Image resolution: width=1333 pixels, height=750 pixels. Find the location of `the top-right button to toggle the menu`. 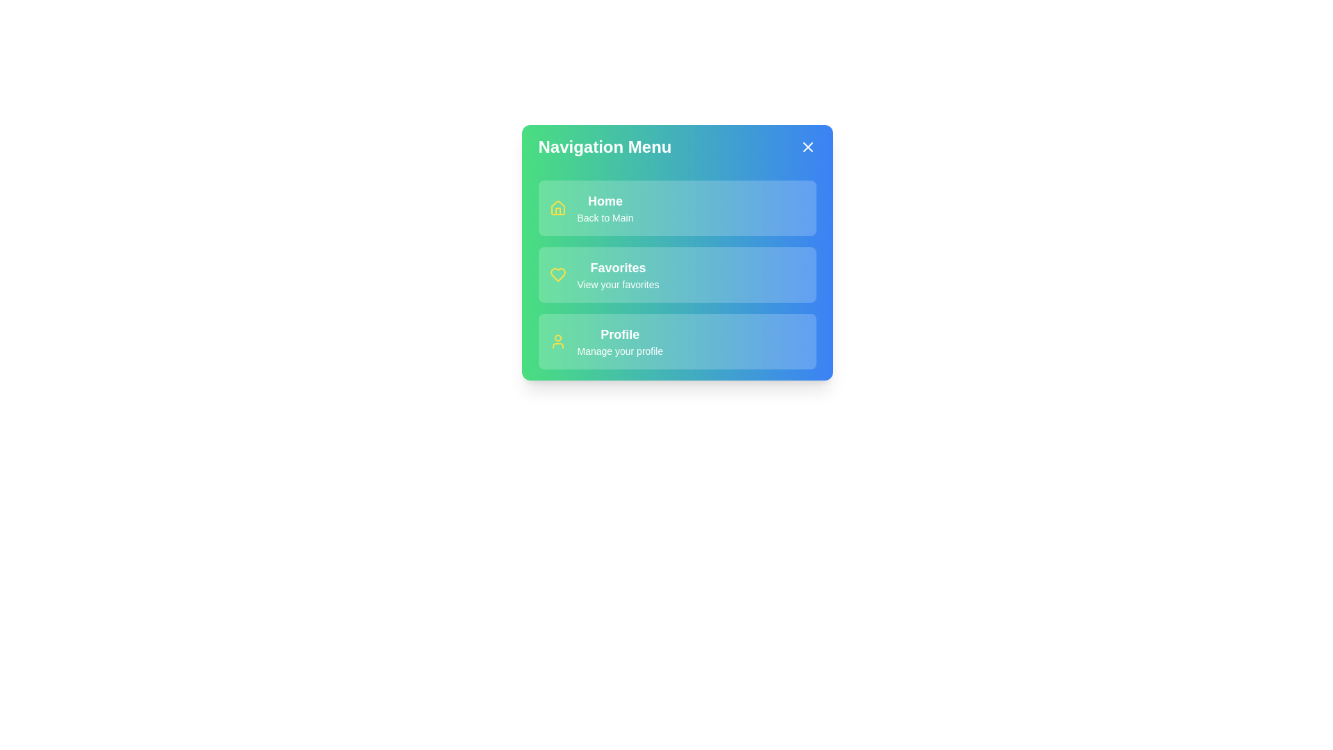

the top-right button to toggle the menu is located at coordinates (807, 147).